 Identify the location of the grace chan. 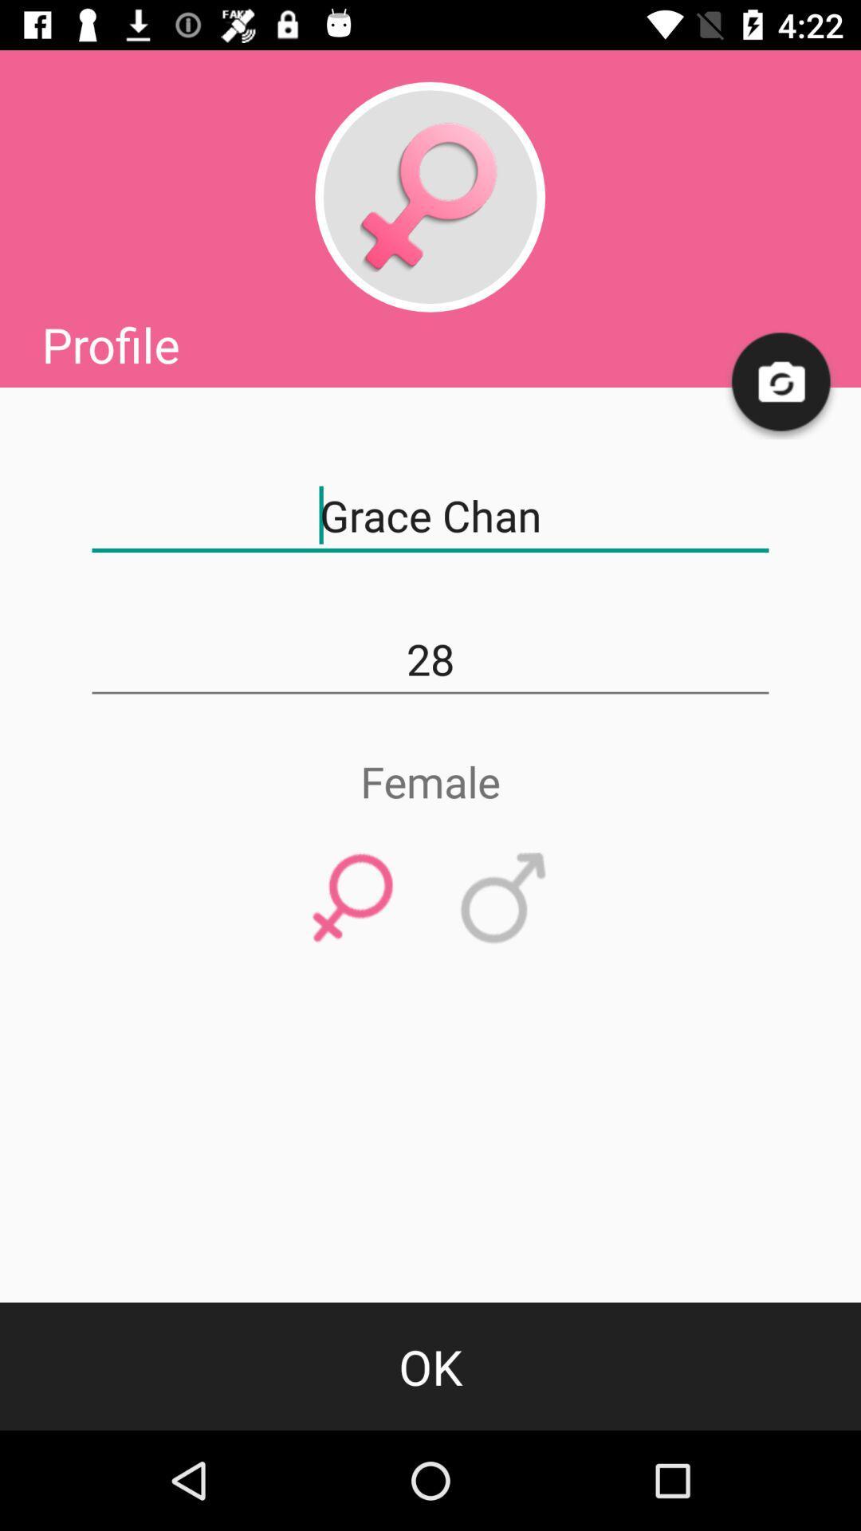
(431, 516).